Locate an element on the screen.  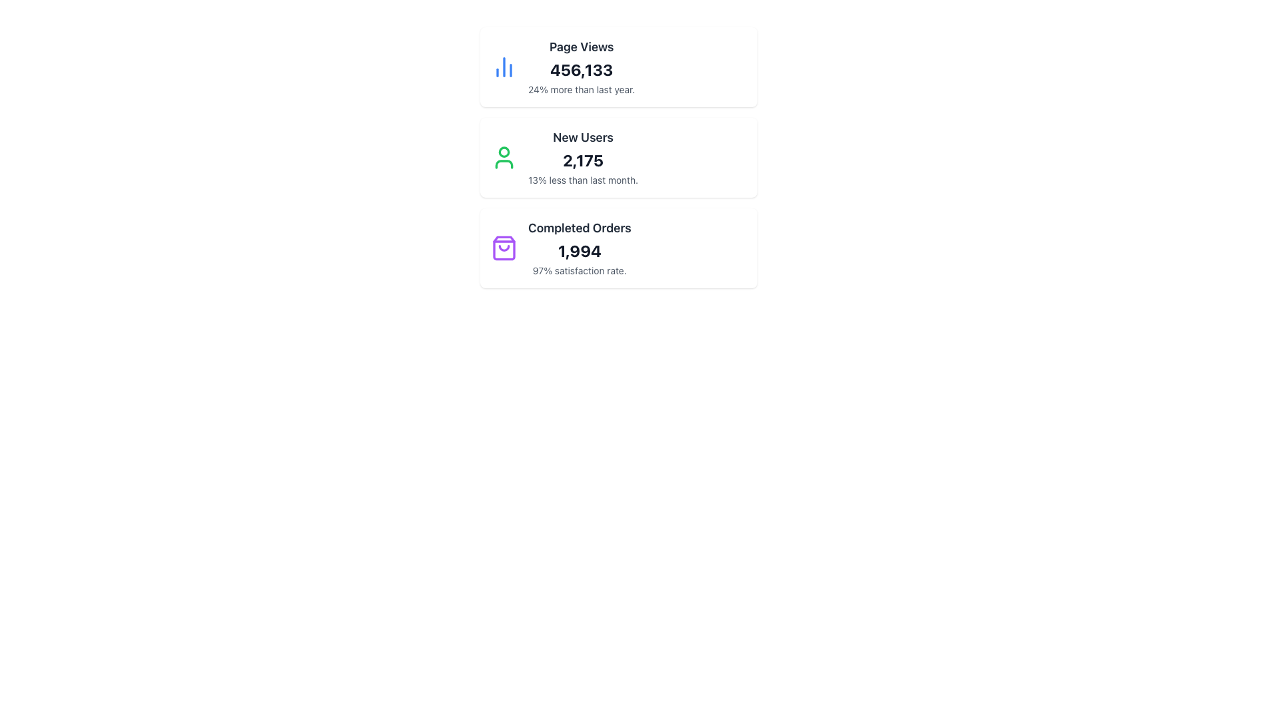
the text label reading '13% less than last month.' located at the bottom of the metric card for 'New Users' is located at coordinates (583, 180).